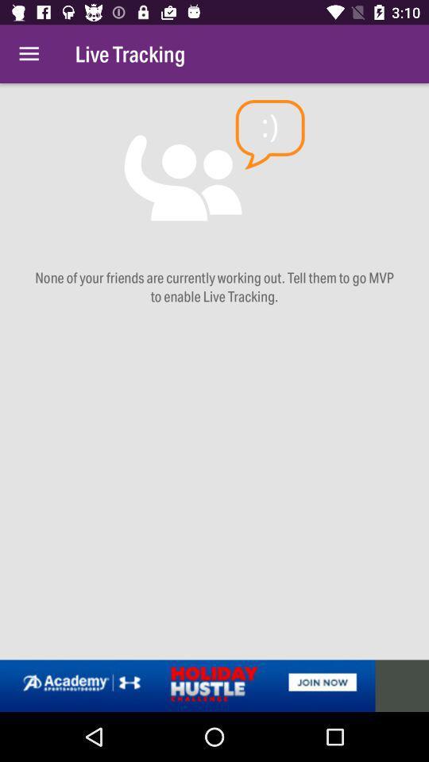 Image resolution: width=429 pixels, height=762 pixels. Describe the element at coordinates (214, 685) in the screenshot. I see `advertisement page` at that location.